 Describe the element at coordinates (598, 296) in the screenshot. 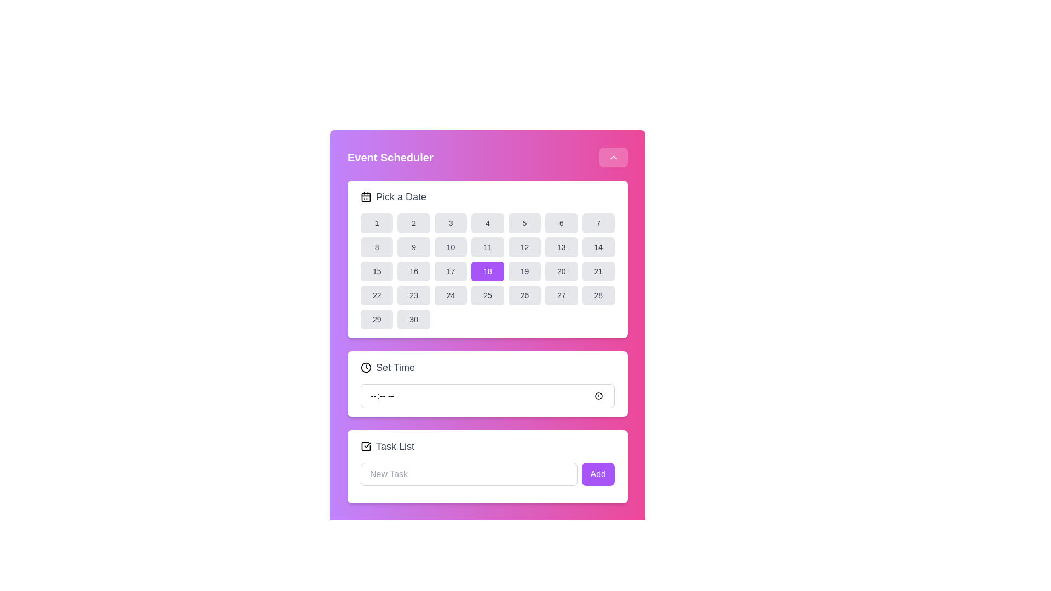

I see `the selectable date button '28' in the last column of the fifth row of the calendar` at that location.